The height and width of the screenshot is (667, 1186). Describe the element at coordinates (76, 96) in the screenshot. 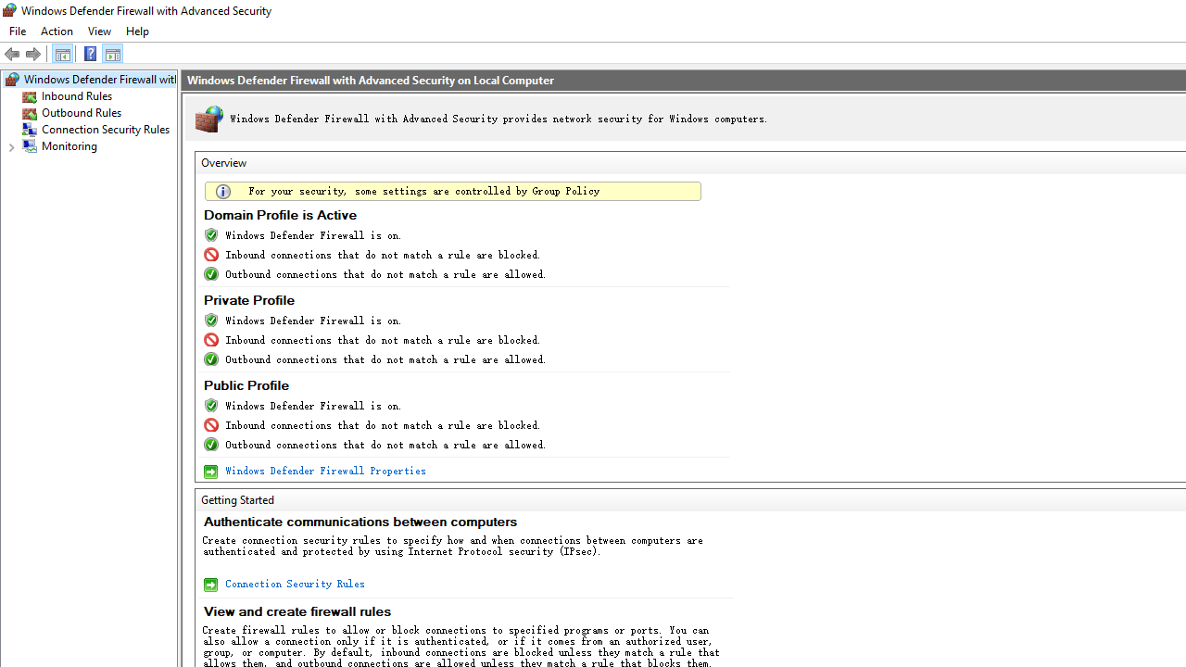

I see `'Inbound Rules'` at that location.